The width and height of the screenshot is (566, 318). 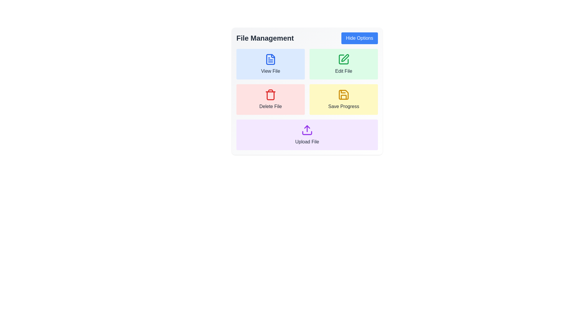 I want to click on the green square-shaped edit icon with a white-outlined pen in the center located in the Edit File section of the File Management interface, so click(x=344, y=59).